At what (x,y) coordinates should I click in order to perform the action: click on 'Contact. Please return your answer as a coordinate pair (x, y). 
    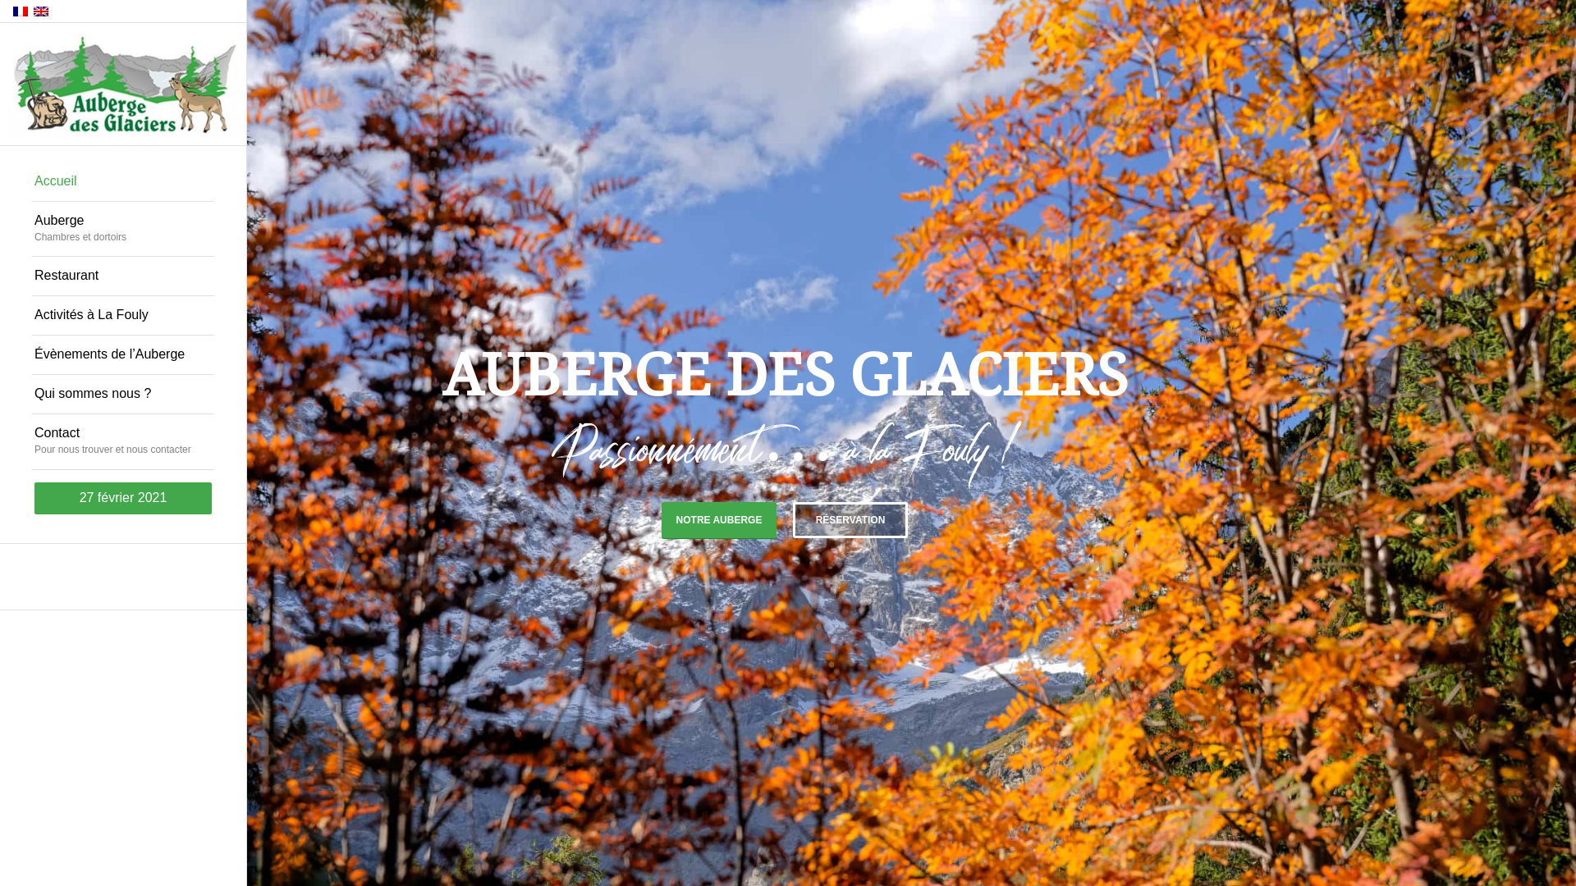
    Looking at the image, I should click on (121, 441).